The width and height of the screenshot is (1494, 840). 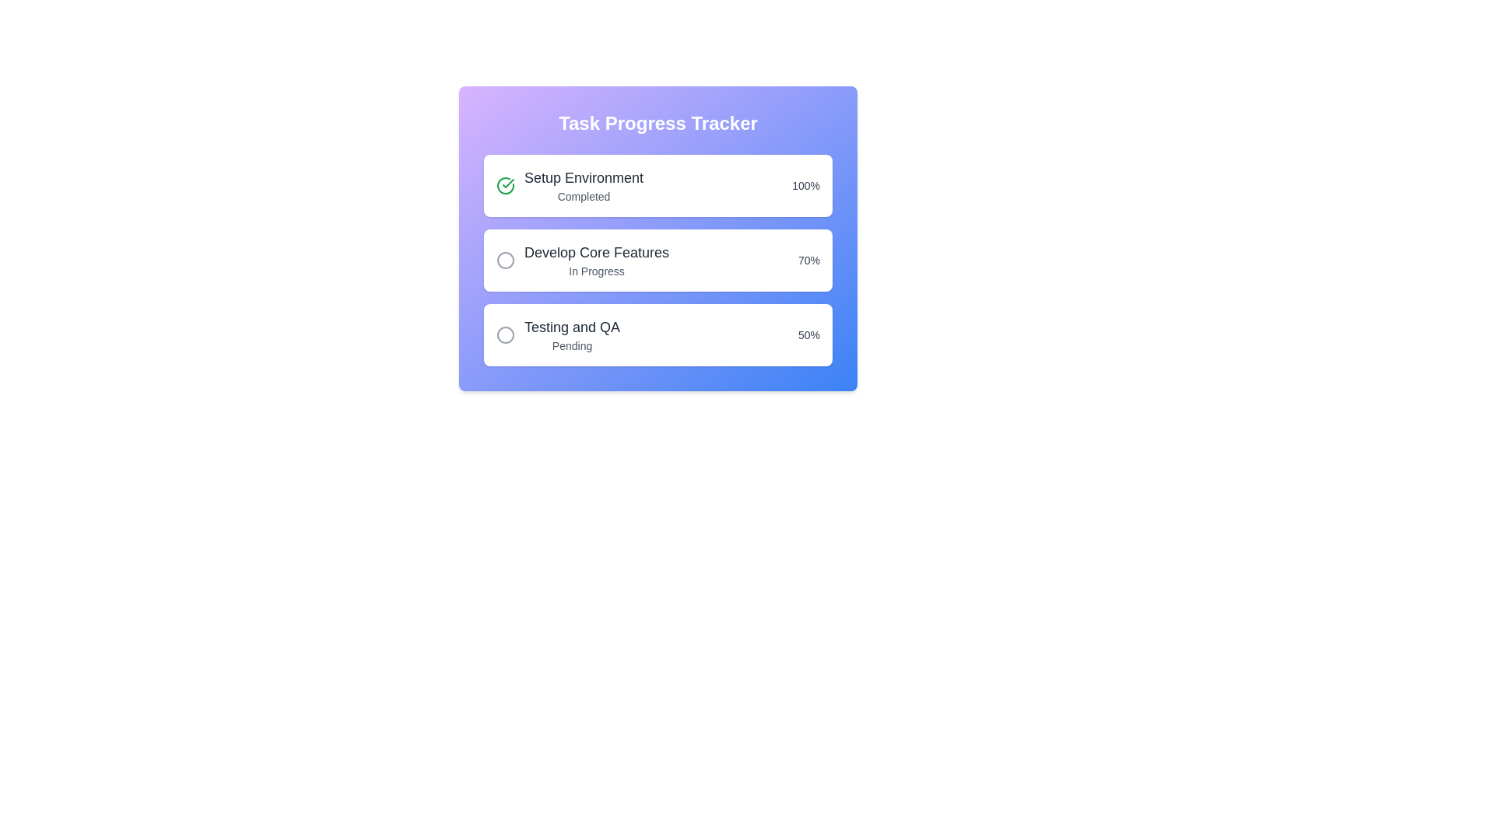 What do you see at coordinates (505, 260) in the screenshot?
I see `the Circle icon, which has a gray outline and represents a status marker, located to the left of the text 'Develop Core Features' in the task progress tracker interface` at bounding box center [505, 260].